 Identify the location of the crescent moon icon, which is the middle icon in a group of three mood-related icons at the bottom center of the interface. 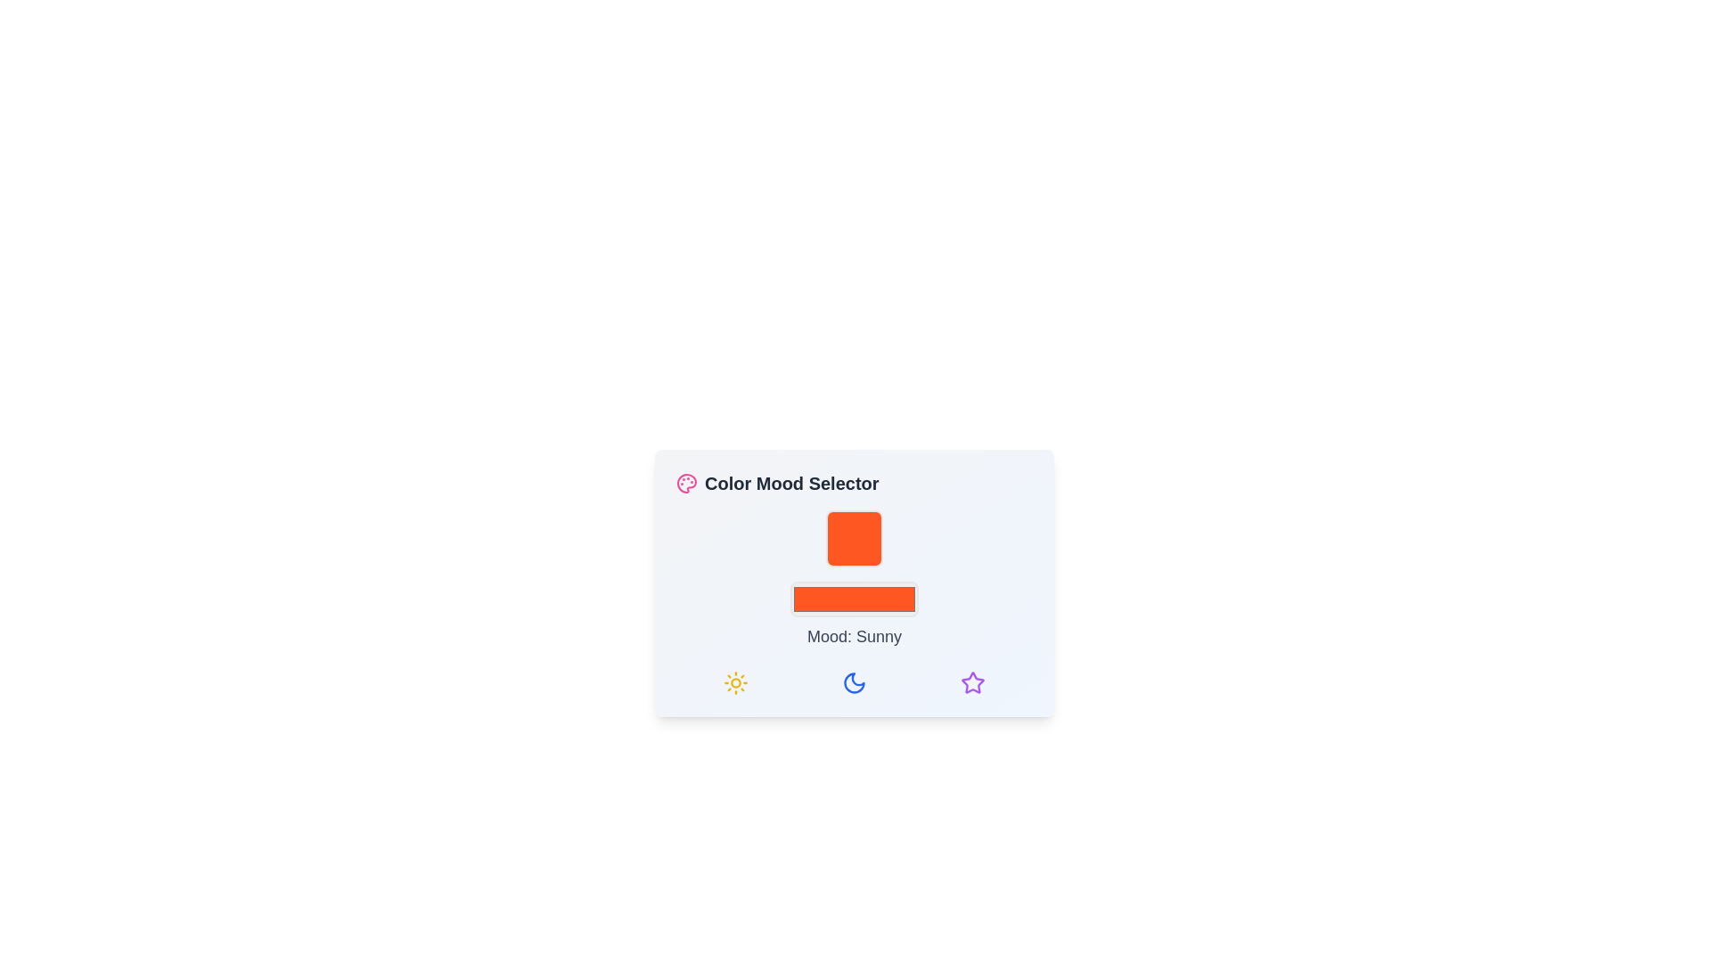
(854, 682).